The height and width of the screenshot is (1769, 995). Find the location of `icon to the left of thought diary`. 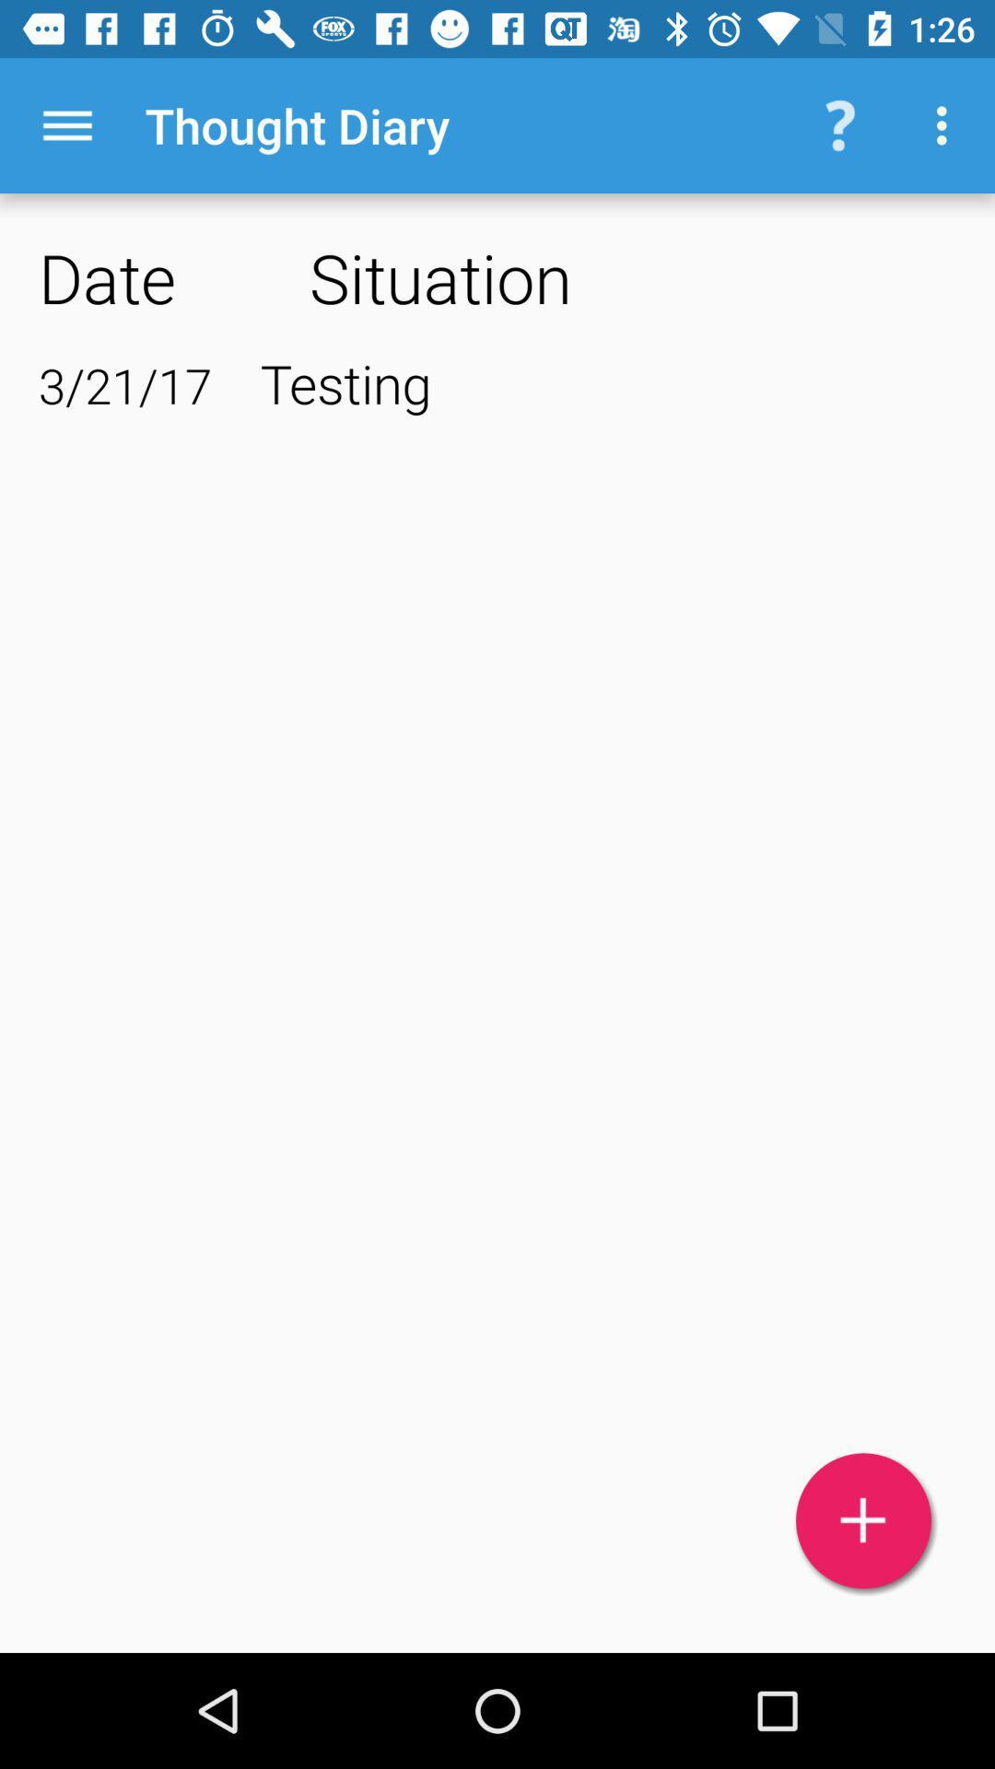

icon to the left of thought diary is located at coordinates (66, 124).